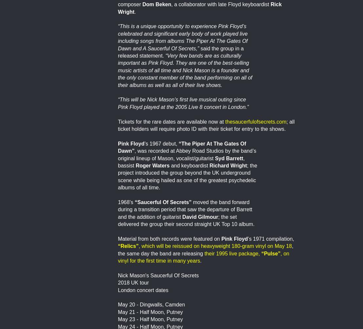 This screenshot has height=329, width=363. Describe the element at coordinates (117, 37) in the screenshot. I see `'“This is a unique opportunity to experience Pink Floyd’s celebrated and significant early body of work played live including songs from albums The Piper At The Gates Of Dawn and A Saucerful Of Secrets,”'` at that location.